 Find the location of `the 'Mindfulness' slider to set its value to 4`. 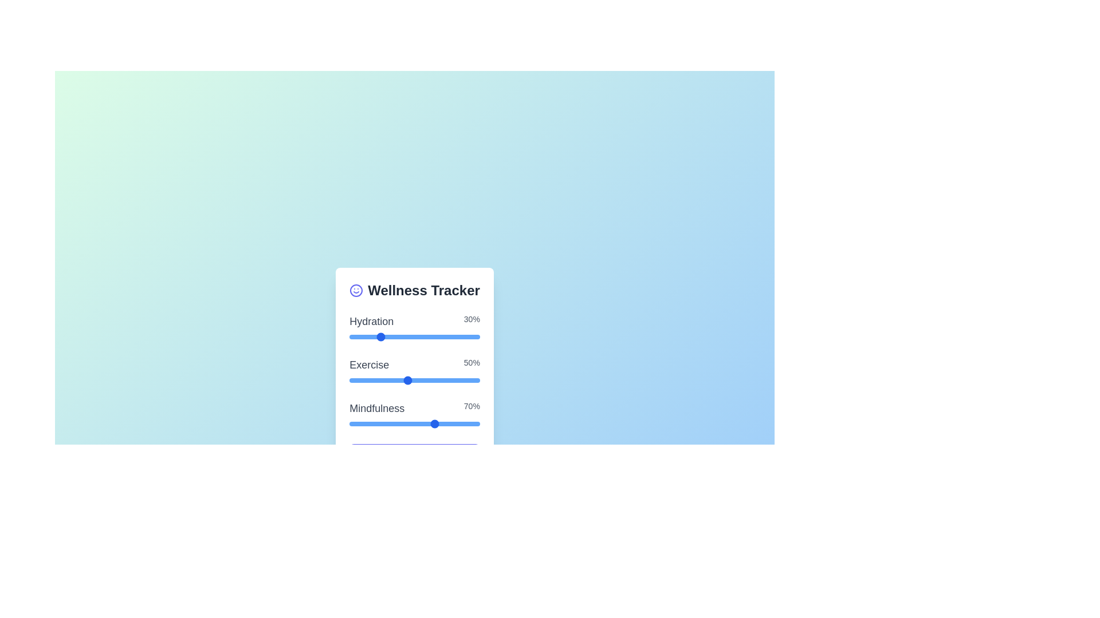

the 'Mindfulness' slider to set its value to 4 is located at coordinates (393, 423).